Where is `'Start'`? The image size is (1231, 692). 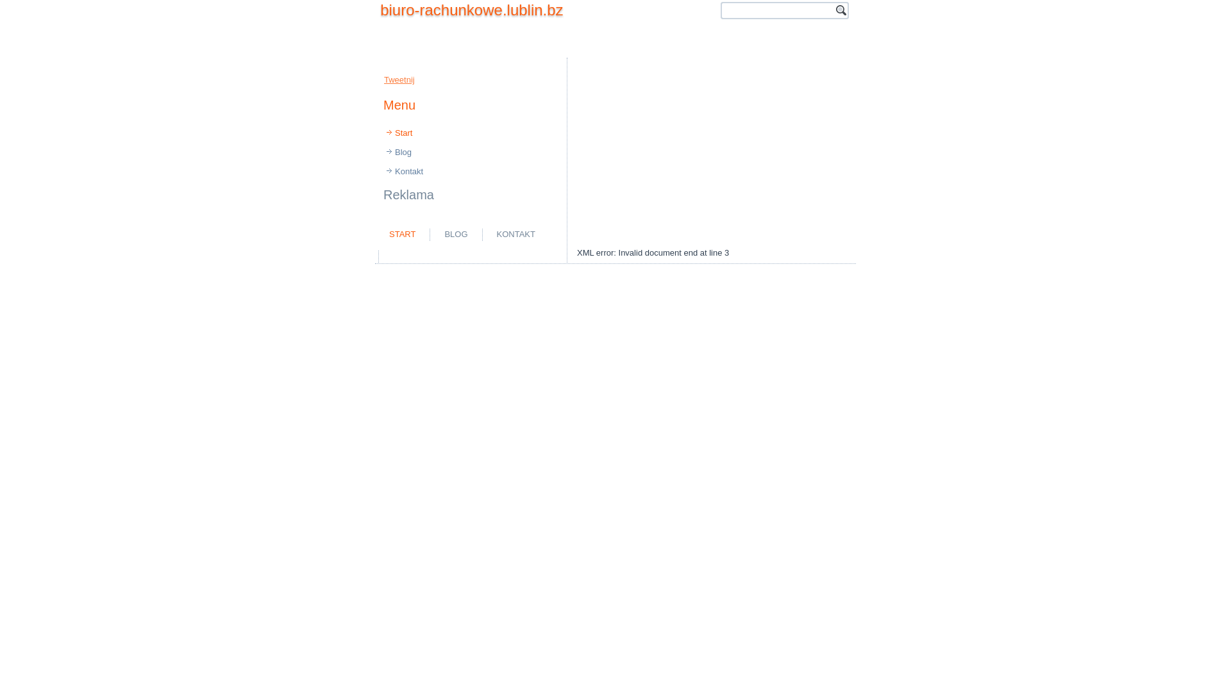
'Start' is located at coordinates (470, 133).